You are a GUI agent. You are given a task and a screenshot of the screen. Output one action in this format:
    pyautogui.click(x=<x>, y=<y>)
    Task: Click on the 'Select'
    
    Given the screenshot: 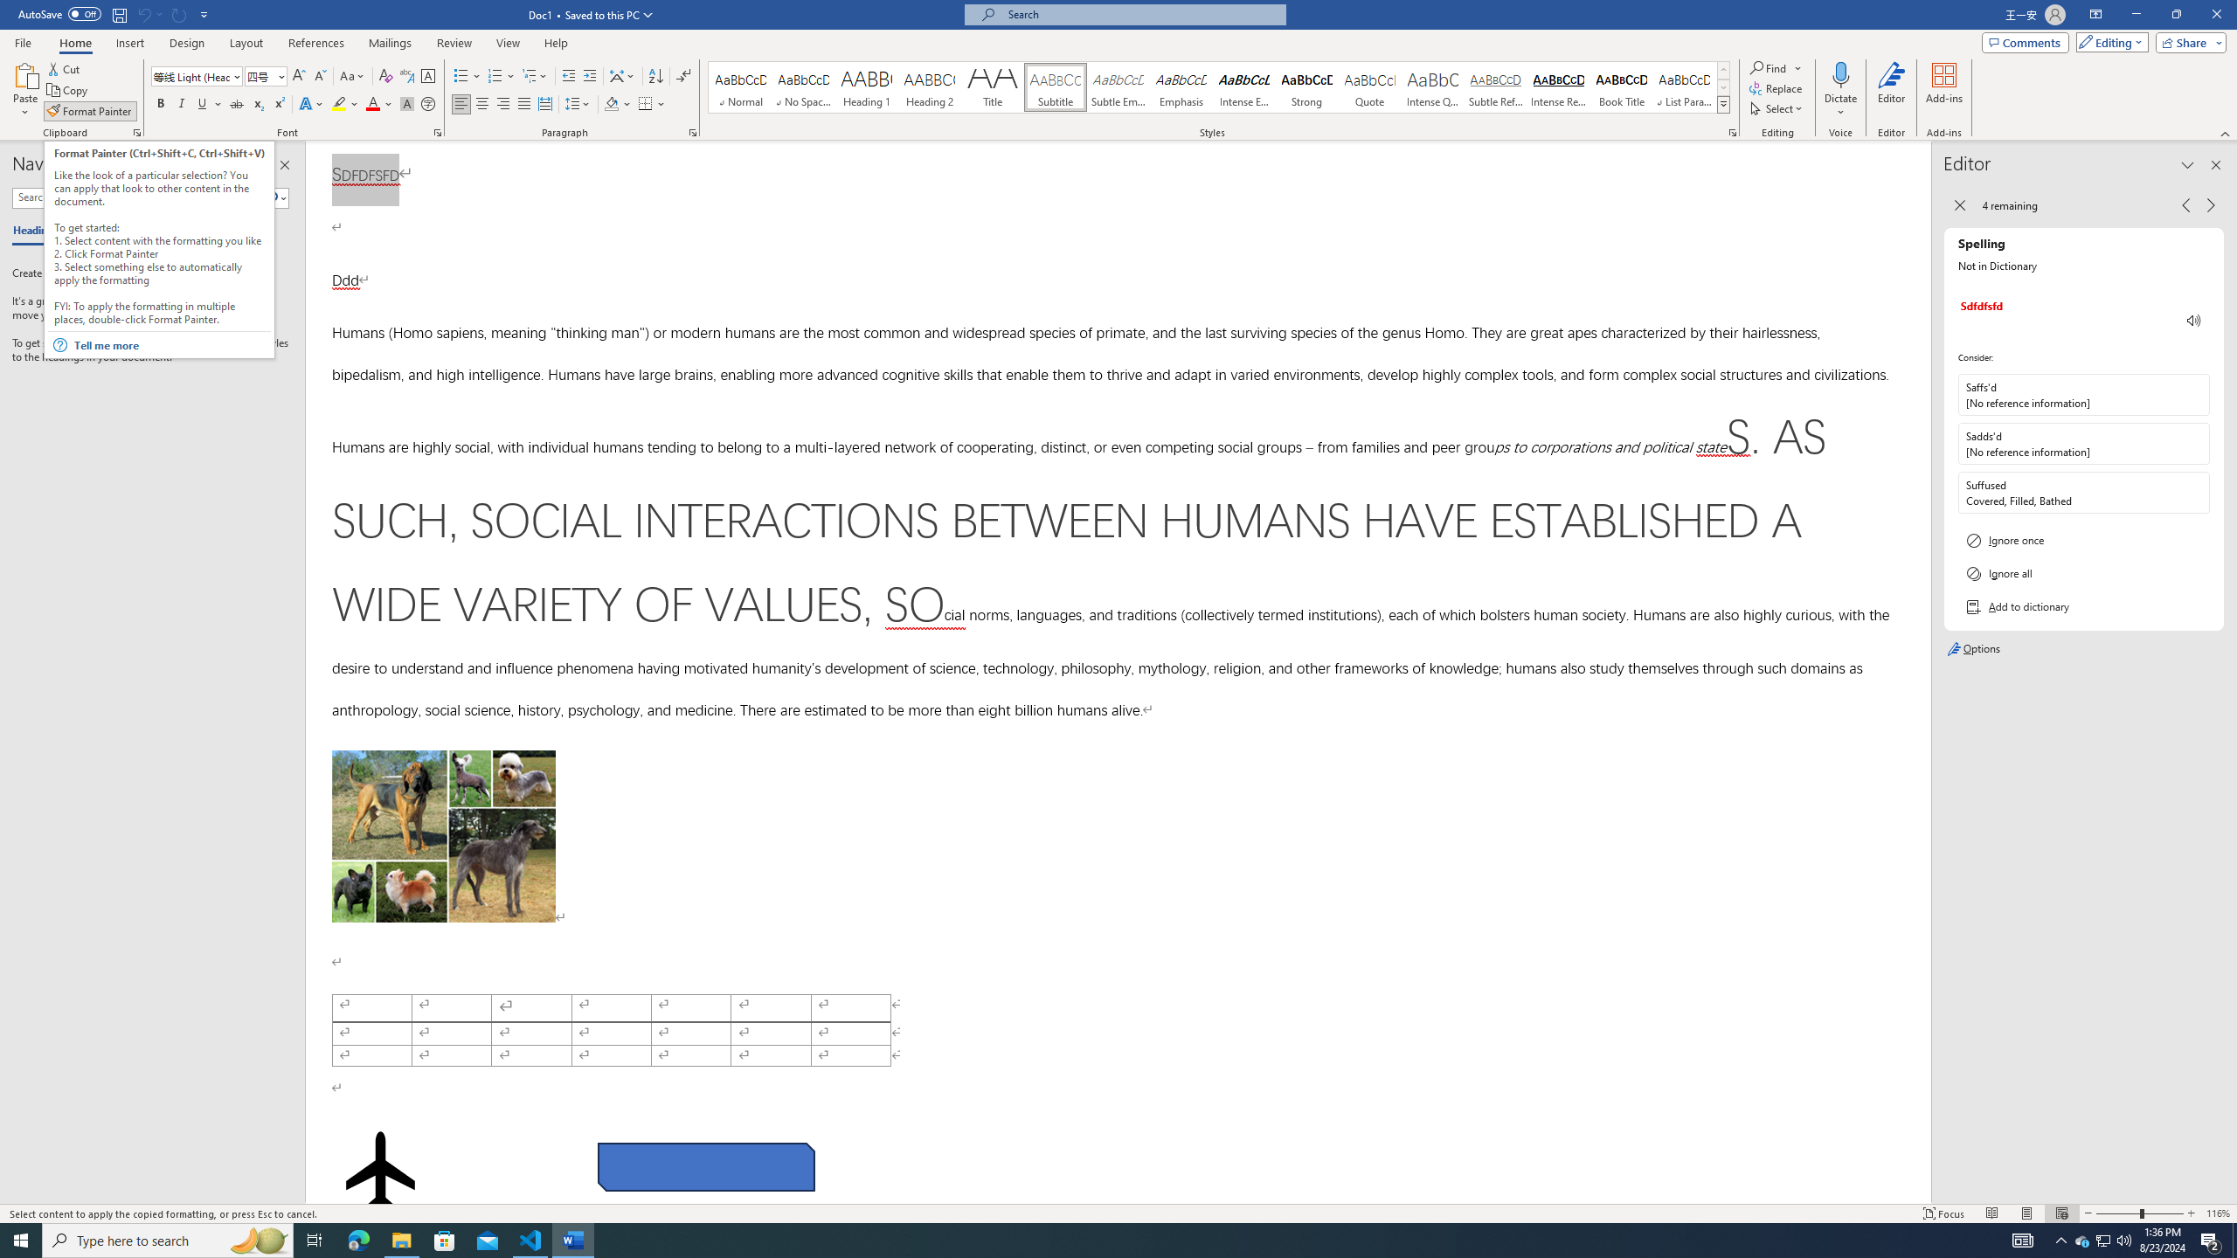 What is the action you would take?
    pyautogui.click(x=1777, y=107)
    